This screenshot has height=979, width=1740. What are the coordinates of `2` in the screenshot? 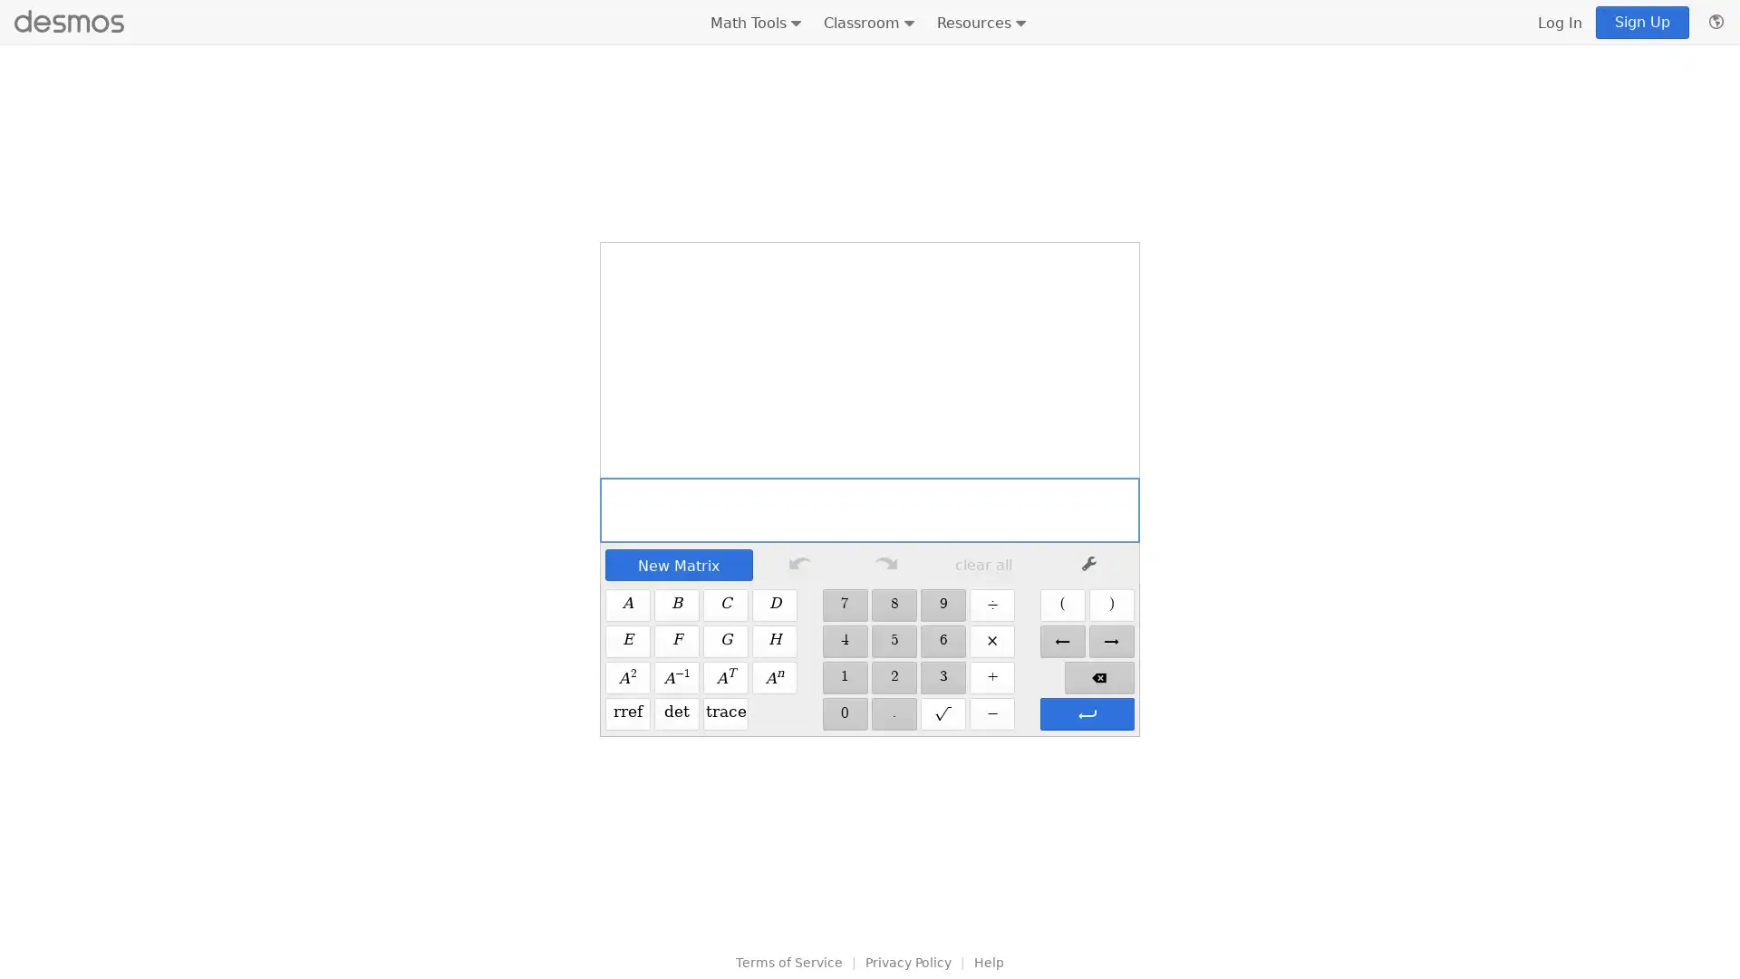 It's located at (894, 678).